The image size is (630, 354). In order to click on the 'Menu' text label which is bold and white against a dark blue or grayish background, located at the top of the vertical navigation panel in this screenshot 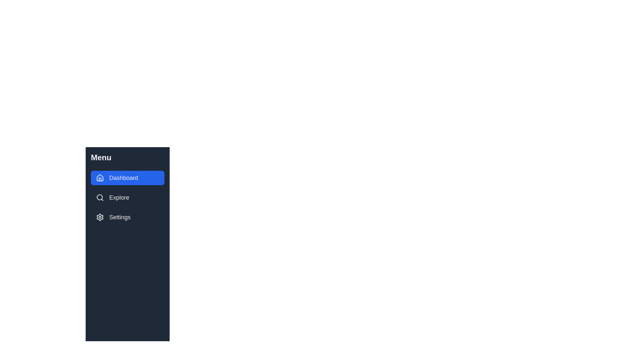, I will do `click(101, 158)`.